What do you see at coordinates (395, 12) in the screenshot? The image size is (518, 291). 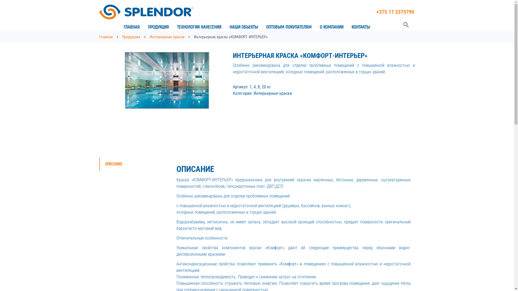 I see `'+375 17 2375790'` at bounding box center [395, 12].